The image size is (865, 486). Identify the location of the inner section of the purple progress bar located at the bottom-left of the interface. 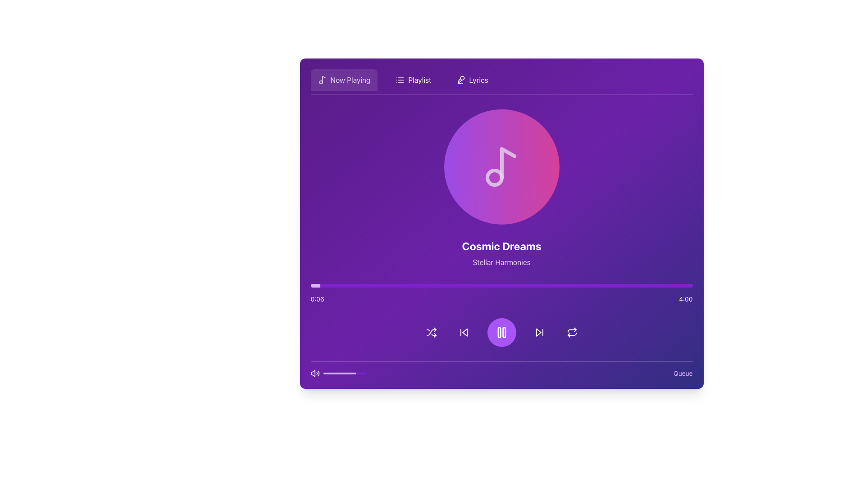
(344, 373).